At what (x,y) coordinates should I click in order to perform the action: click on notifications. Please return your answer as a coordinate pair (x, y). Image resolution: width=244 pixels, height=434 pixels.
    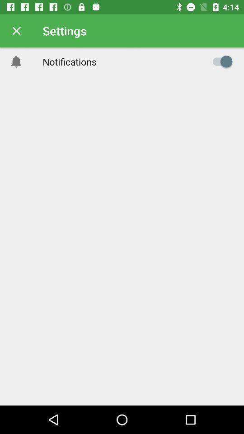
    Looking at the image, I should click on (220, 61).